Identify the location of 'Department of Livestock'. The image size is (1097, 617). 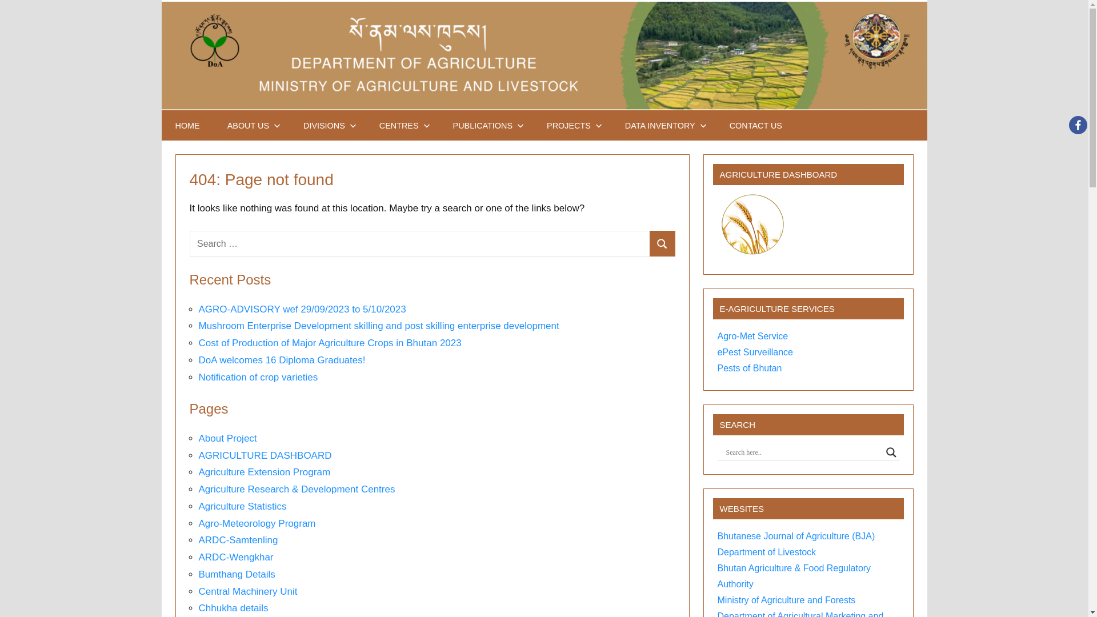
(767, 551).